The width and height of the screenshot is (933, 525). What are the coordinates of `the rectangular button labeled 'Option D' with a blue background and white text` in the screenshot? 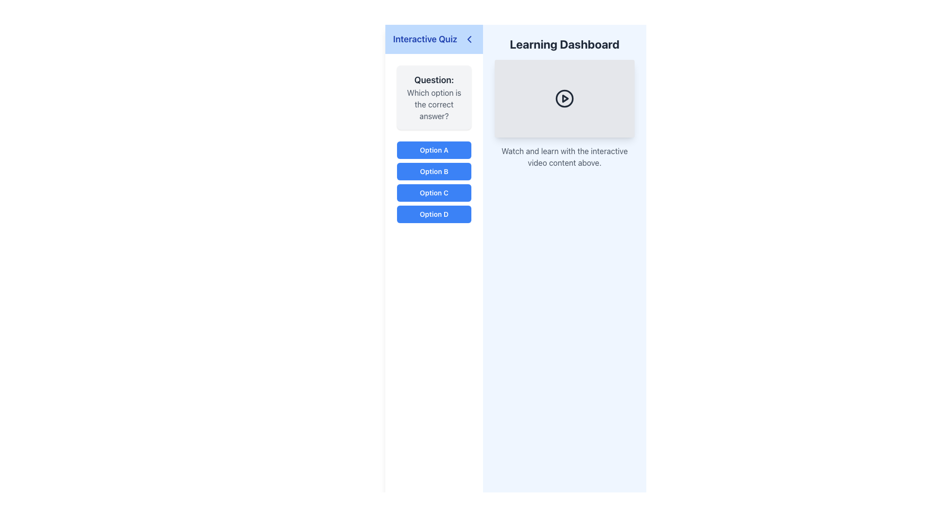 It's located at (433, 213).